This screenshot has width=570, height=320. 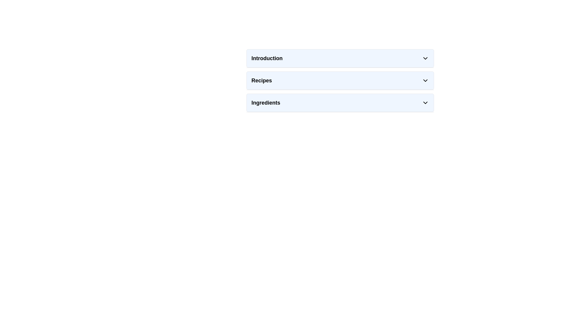 I want to click on the light blue dropdown button labeled 'Recipes', so click(x=340, y=81).